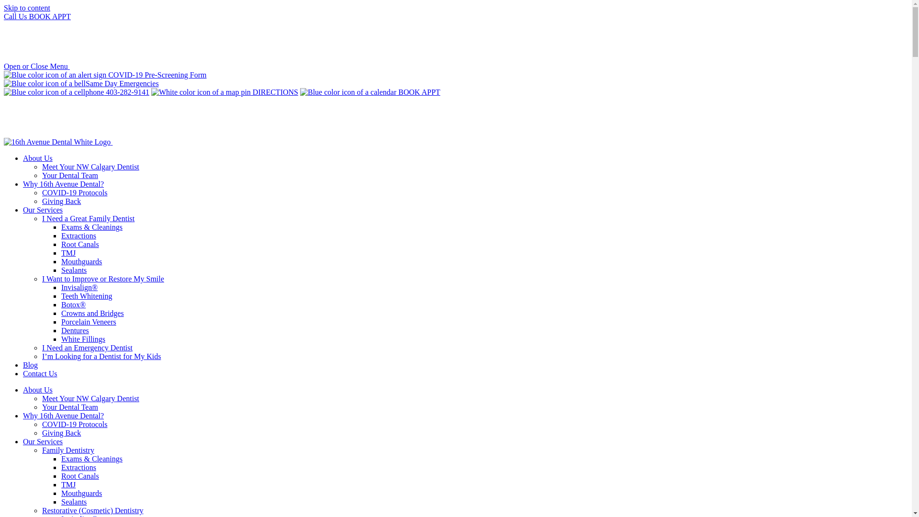 The image size is (919, 517). I want to click on 'Family Dentistry', so click(67, 450).